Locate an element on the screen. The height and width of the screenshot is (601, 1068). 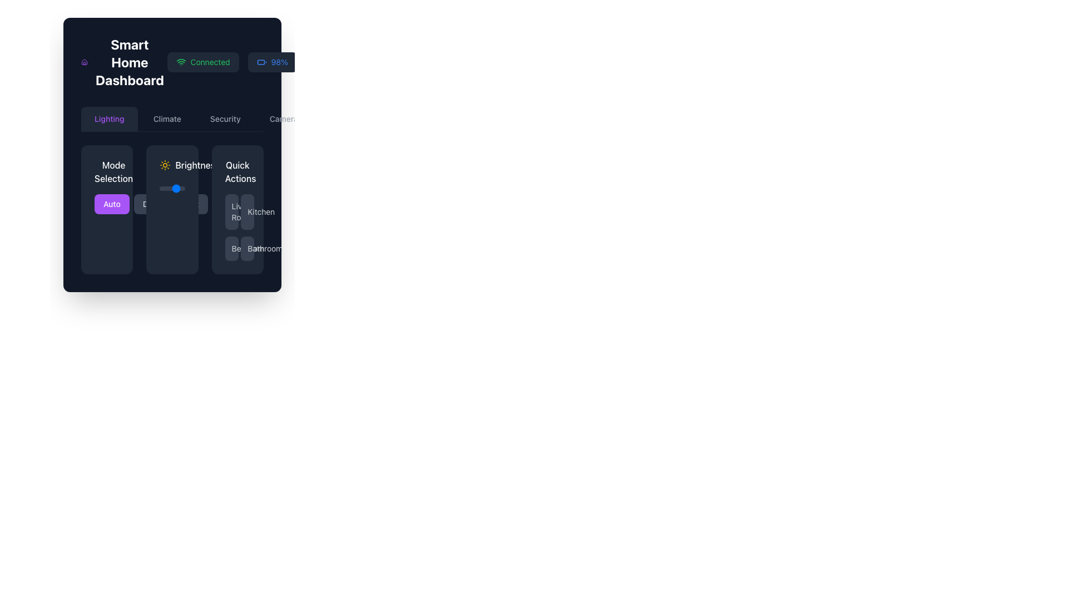
the 'Living Room' button located in the first row and first column of the grid in the bottom-right section of the 'Quick Actions' panel is located at coordinates (231, 212).